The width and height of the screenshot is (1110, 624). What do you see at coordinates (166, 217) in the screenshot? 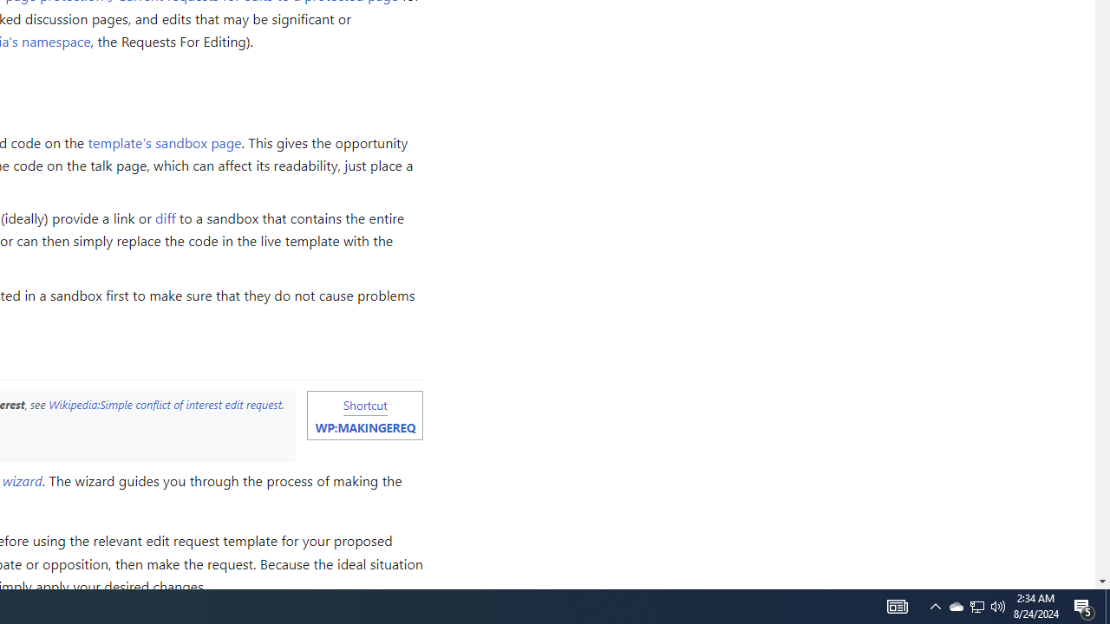
I see `'diff'` at bounding box center [166, 217].